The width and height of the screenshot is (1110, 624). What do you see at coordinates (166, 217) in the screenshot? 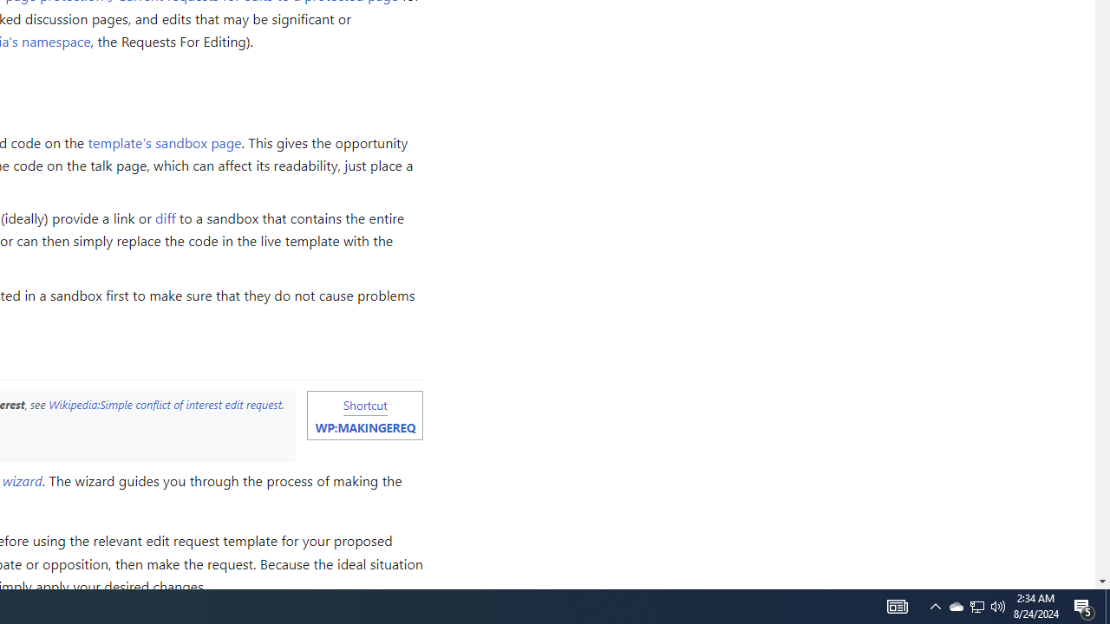
I see `'diff'` at bounding box center [166, 217].